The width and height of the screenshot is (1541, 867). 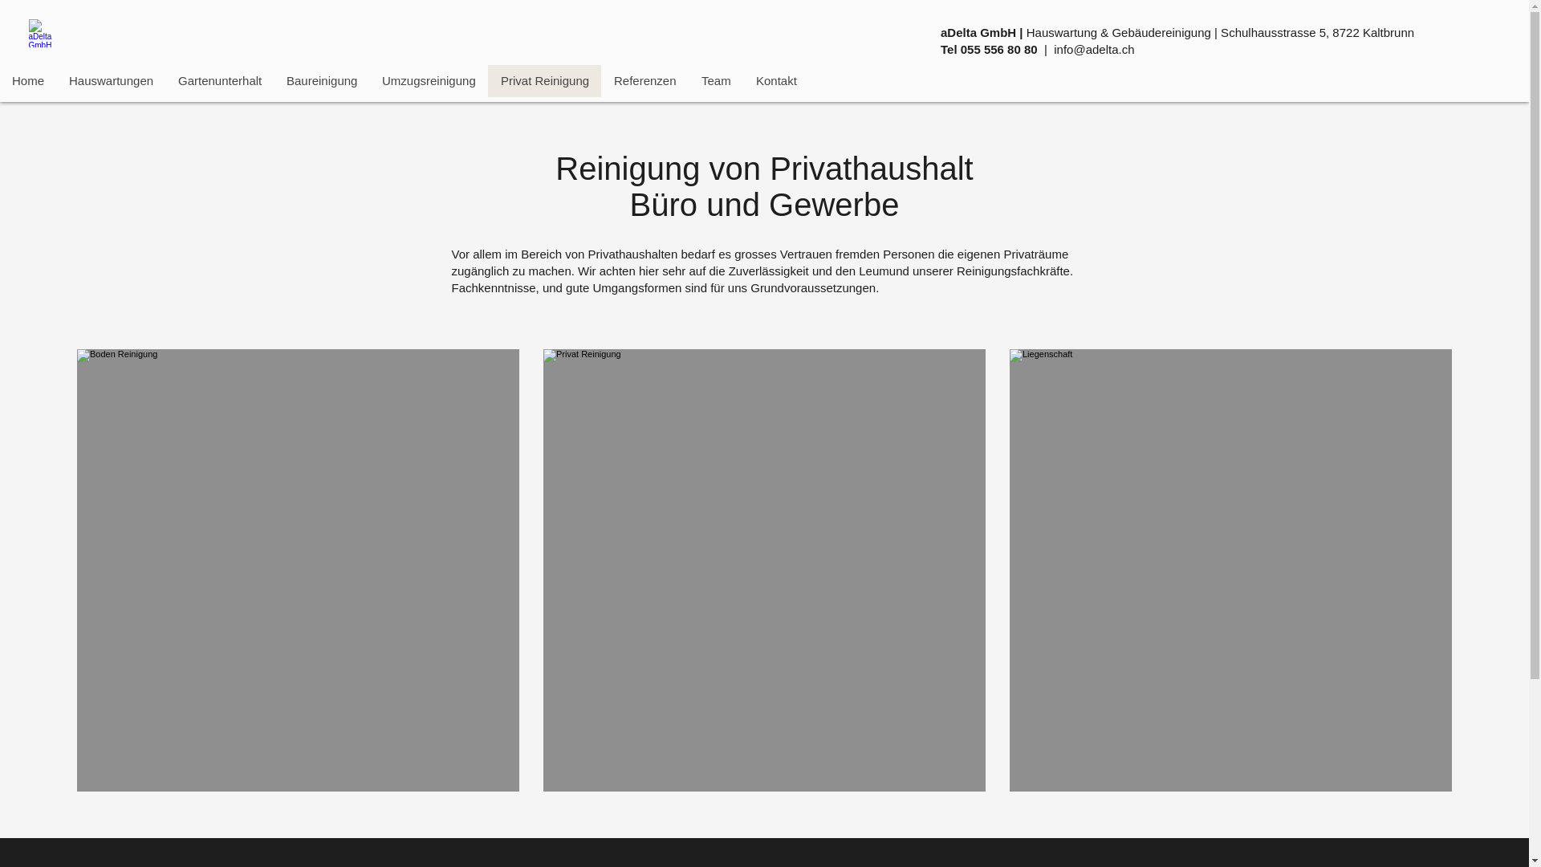 What do you see at coordinates (689, 80) in the screenshot?
I see `'Team'` at bounding box center [689, 80].